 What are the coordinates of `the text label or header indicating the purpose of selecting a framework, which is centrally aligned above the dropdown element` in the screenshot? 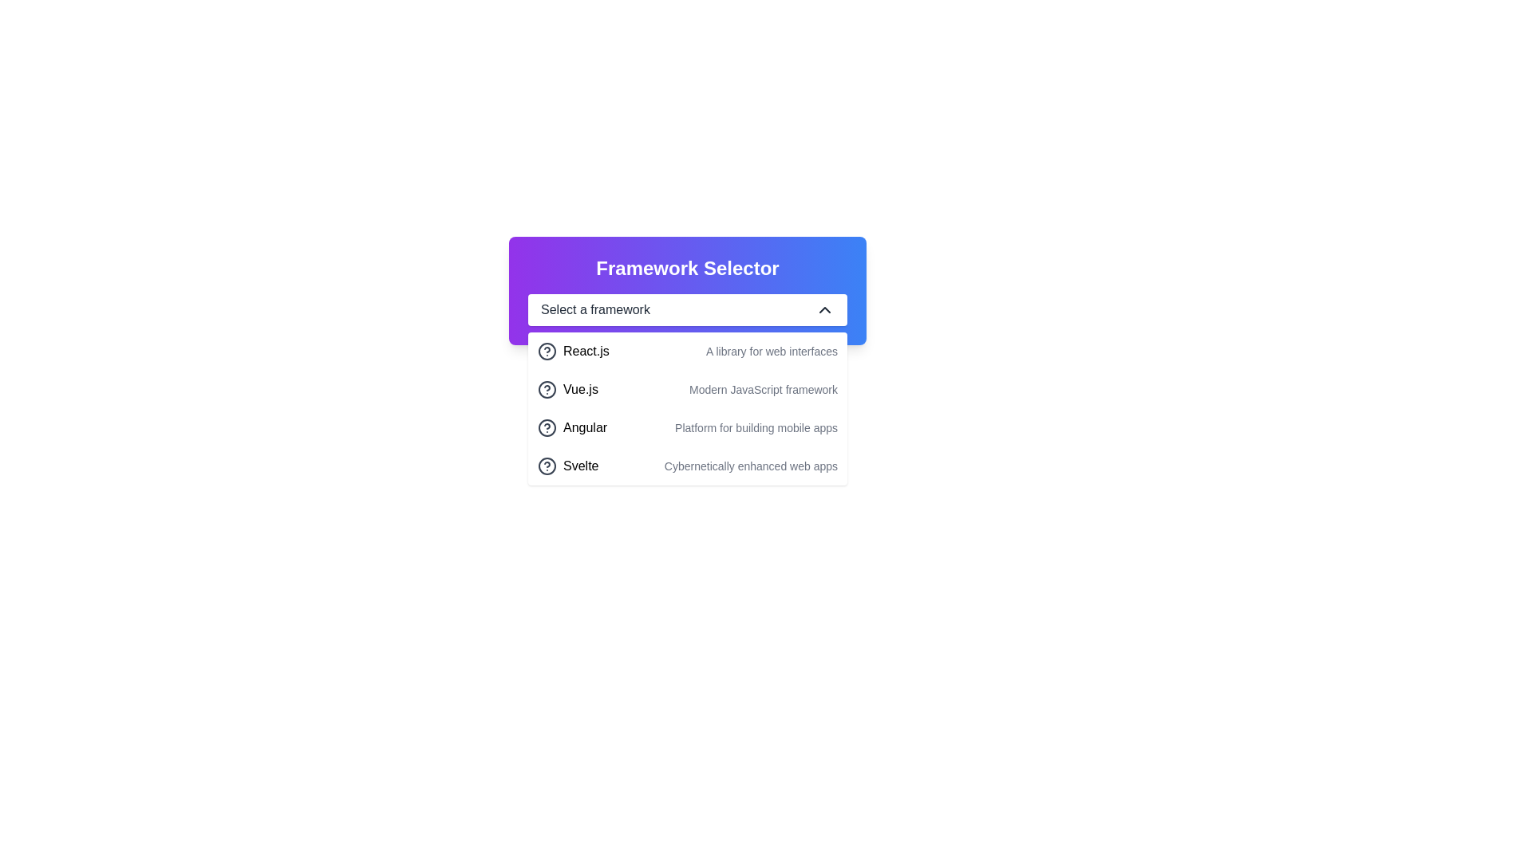 It's located at (688, 267).